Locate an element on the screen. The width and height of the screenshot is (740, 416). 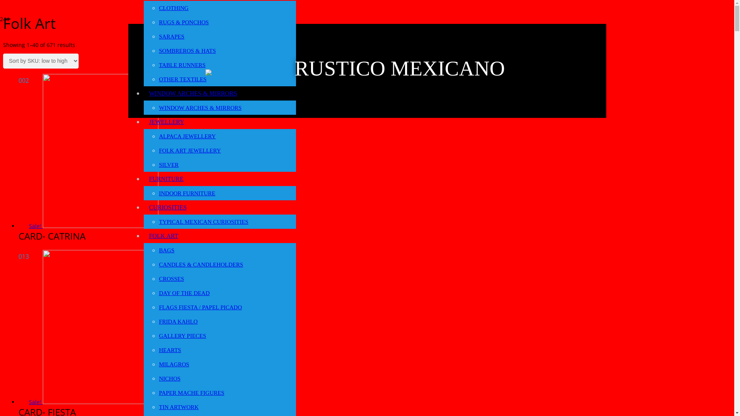
'CURIOSITIES' is located at coordinates (167, 207).